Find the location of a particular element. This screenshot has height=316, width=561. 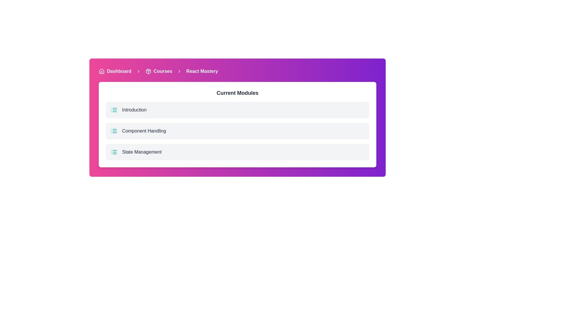

the 'Courses' hyperlink in the breadcrumb navigation bar to visualize the underline effect is located at coordinates (163, 71).